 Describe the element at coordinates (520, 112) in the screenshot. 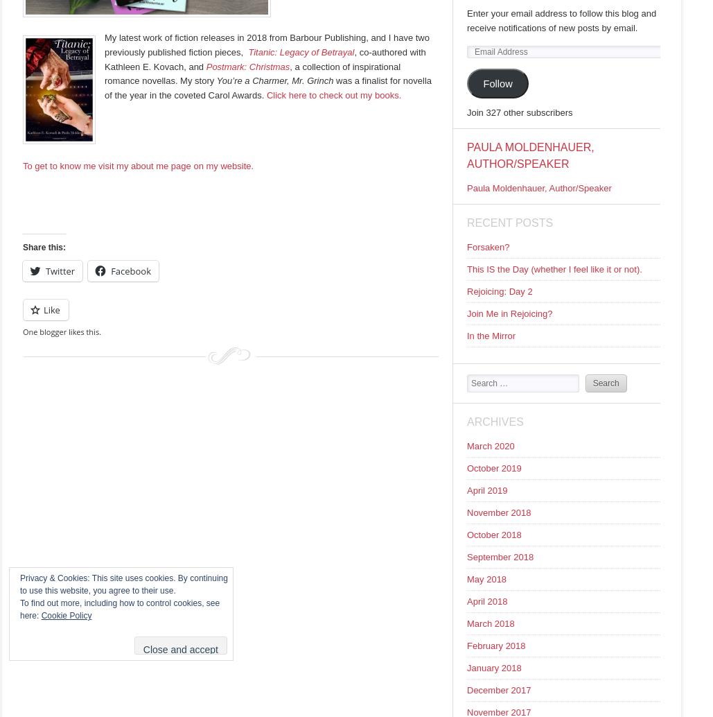

I see `'Join 327 other subscribers'` at that location.